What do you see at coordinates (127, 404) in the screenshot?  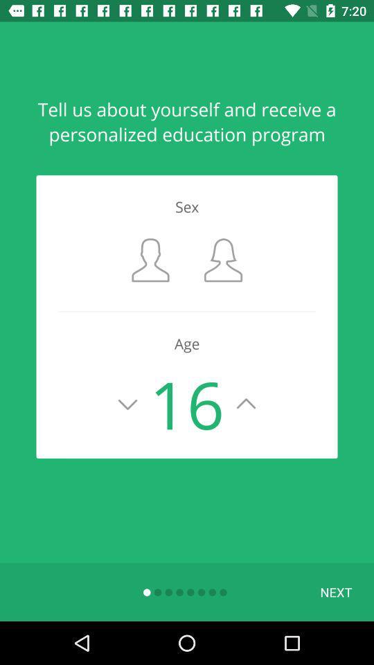 I see `lower age arrow` at bounding box center [127, 404].